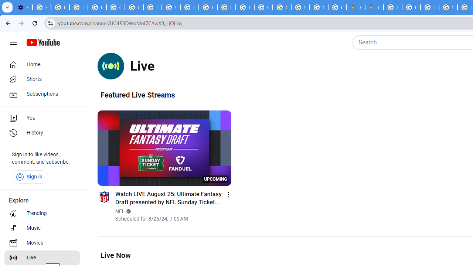  What do you see at coordinates (128, 211) in the screenshot?
I see `'Verified'` at bounding box center [128, 211].